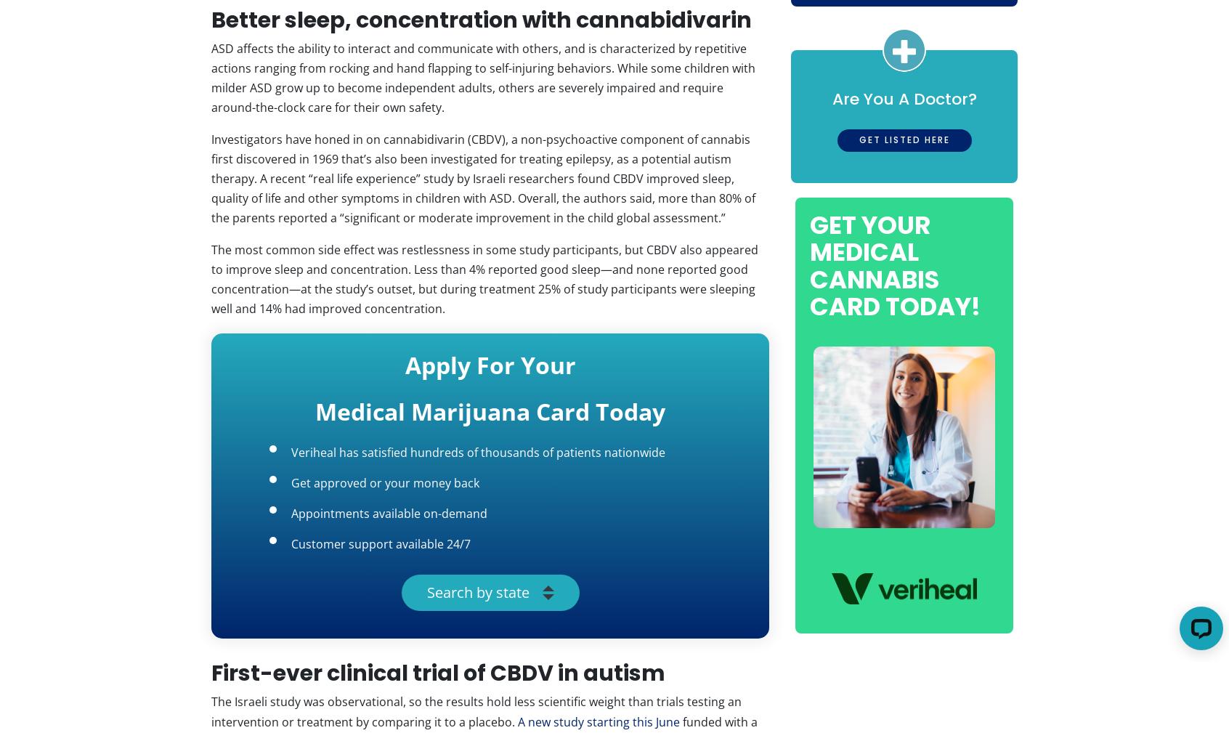  I want to click on 'Customer support available 24/7', so click(381, 543).